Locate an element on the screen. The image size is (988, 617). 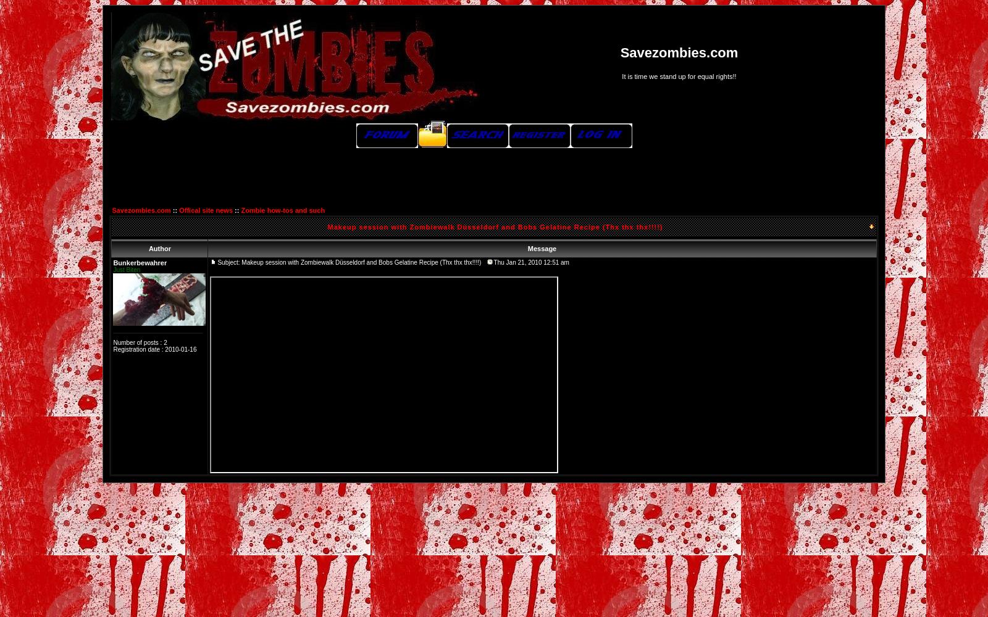
'Number of posts' is located at coordinates (135, 342).